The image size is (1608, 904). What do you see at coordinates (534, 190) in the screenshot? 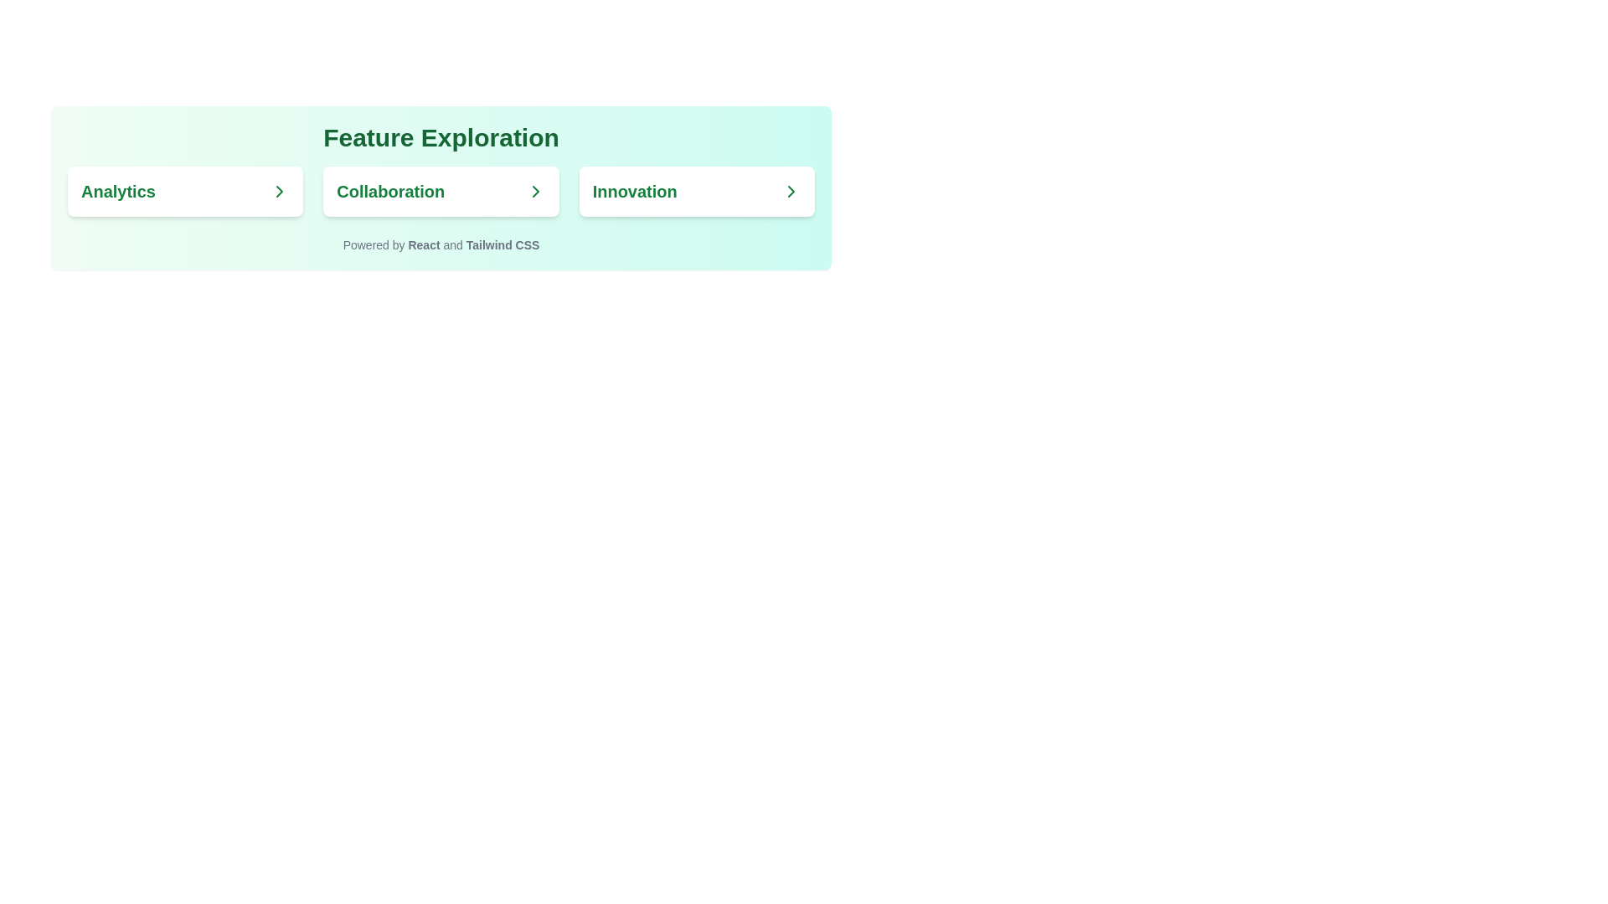
I see `the SVG chevron icon located to the right of the 'Collaboration' text in the 'Feature Exploration' menu` at bounding box center [534, 190].